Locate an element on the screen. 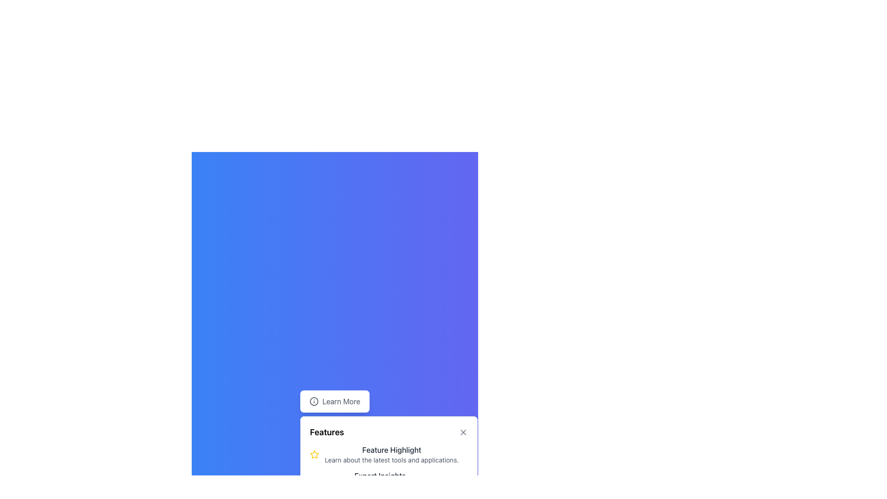 The width and height of the screenshot is (887, 499). the informational component located in the 'Features' section, which includes an icon and text, positioned above the 'Expert Insights' item is located at coordinates (389, 454).